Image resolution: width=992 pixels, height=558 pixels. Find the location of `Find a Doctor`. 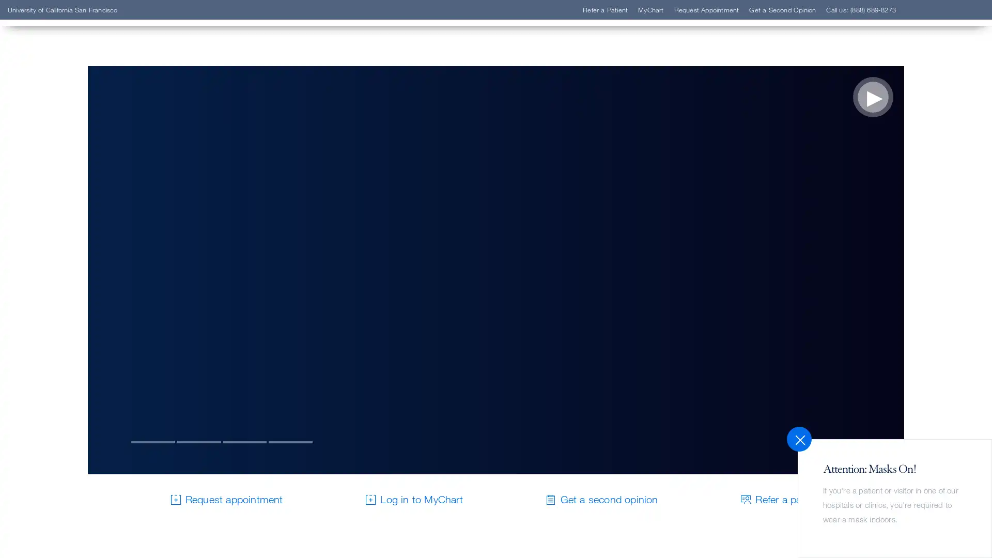

Find a Doctor is located at coordinates (71, 152).